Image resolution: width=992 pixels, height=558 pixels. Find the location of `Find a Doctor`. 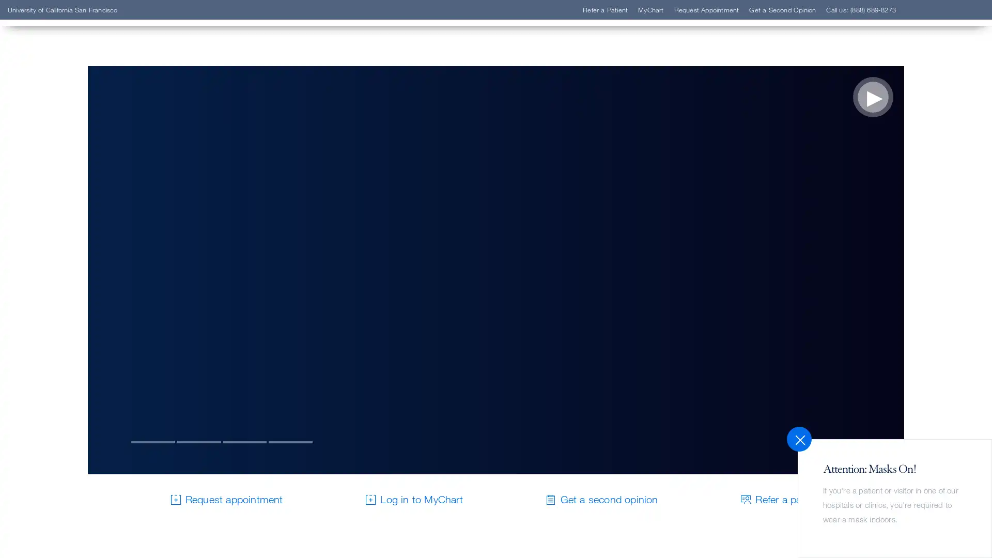

Find a Doctor is located at coordinates (71, 152).